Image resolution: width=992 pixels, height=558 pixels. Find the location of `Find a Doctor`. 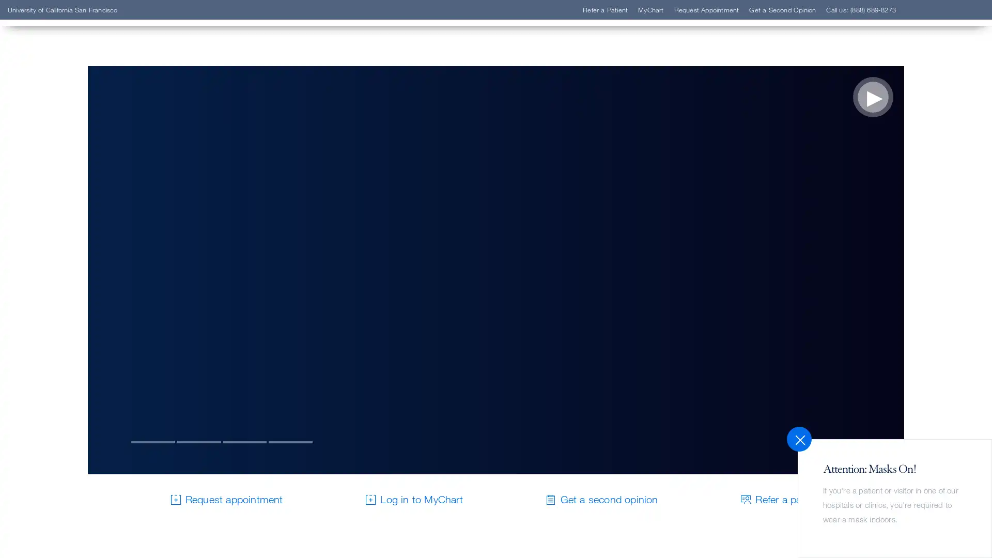

Find a Doctor is located at coordinates (71, 152).